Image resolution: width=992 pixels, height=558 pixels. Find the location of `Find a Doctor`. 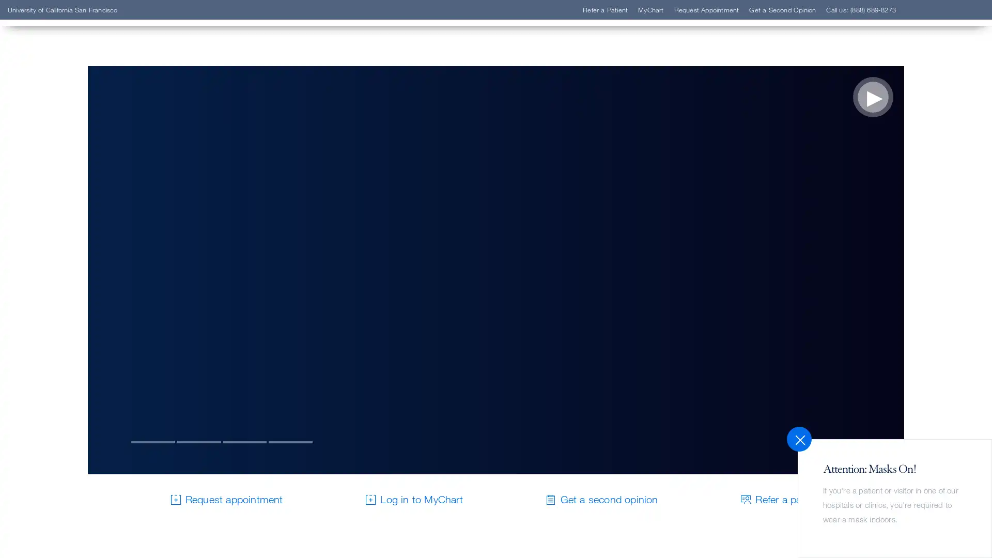

Find a Doctor is located at coordinates (71, 152).